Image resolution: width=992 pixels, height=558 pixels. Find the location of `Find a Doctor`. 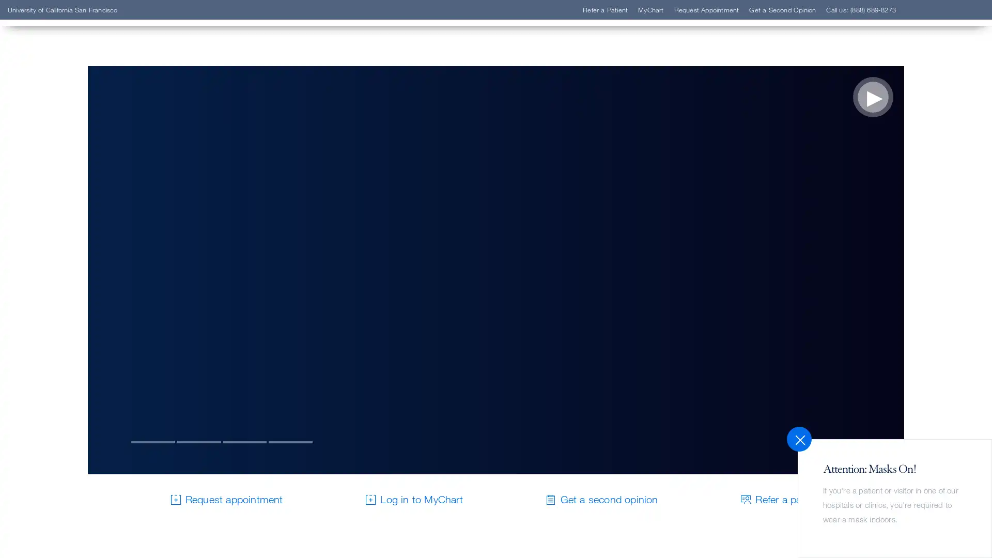

Find a Doctor is located at coordinates (71, 152).